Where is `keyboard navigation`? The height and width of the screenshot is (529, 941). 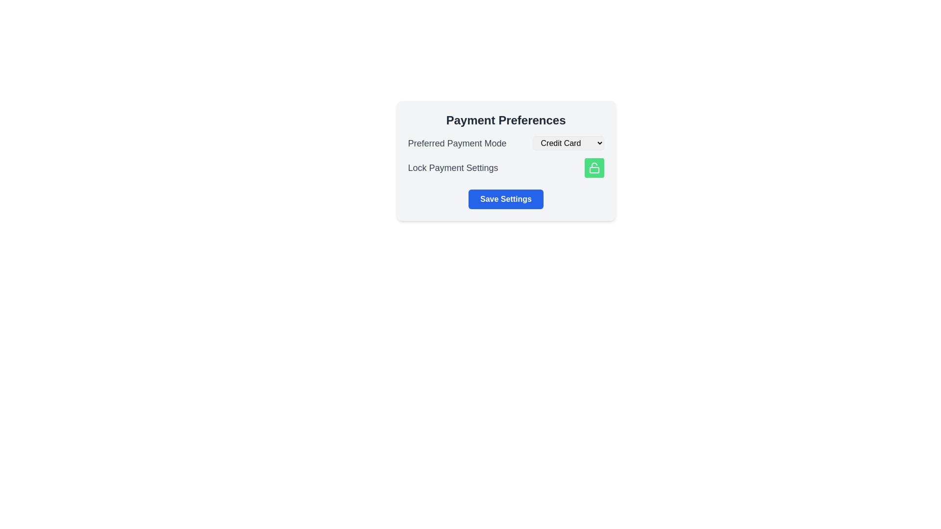
keyboard navigation is located at coordinates (594, 168).